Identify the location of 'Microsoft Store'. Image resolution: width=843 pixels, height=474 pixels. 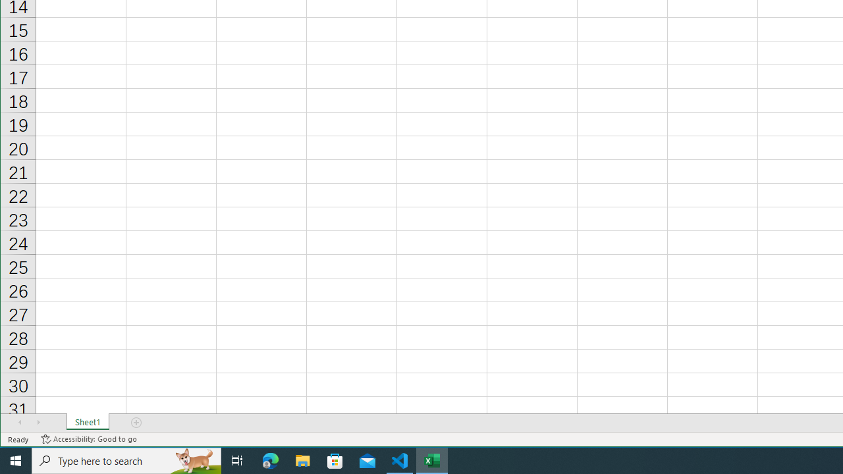
(335, 460).